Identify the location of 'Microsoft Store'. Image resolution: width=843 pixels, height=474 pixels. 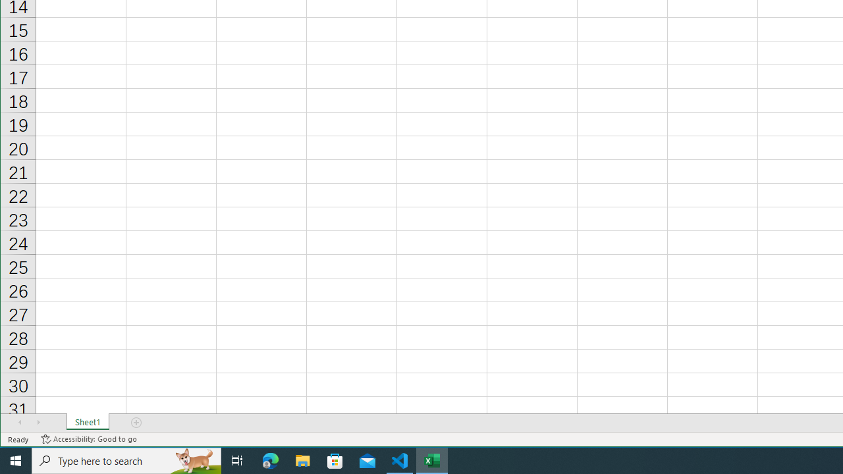
(335, 460).